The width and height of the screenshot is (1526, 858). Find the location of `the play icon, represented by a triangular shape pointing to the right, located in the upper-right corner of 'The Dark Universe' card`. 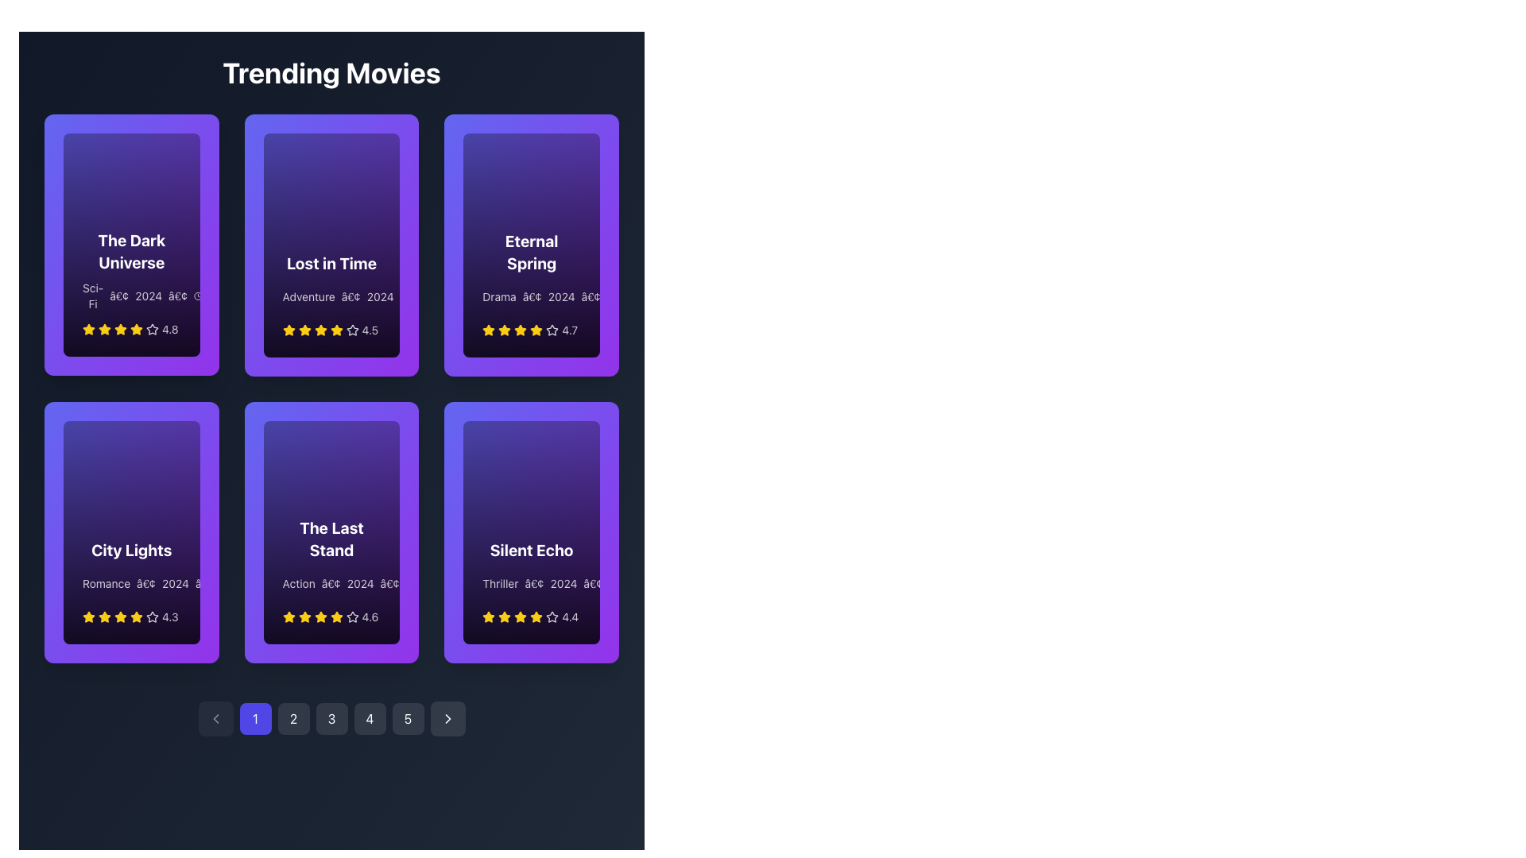

the play icon, represented by a triangular shape pointing to the right, located in the upper-right corner of 'The Dark Universe' card is located at coordinates (192, 147).